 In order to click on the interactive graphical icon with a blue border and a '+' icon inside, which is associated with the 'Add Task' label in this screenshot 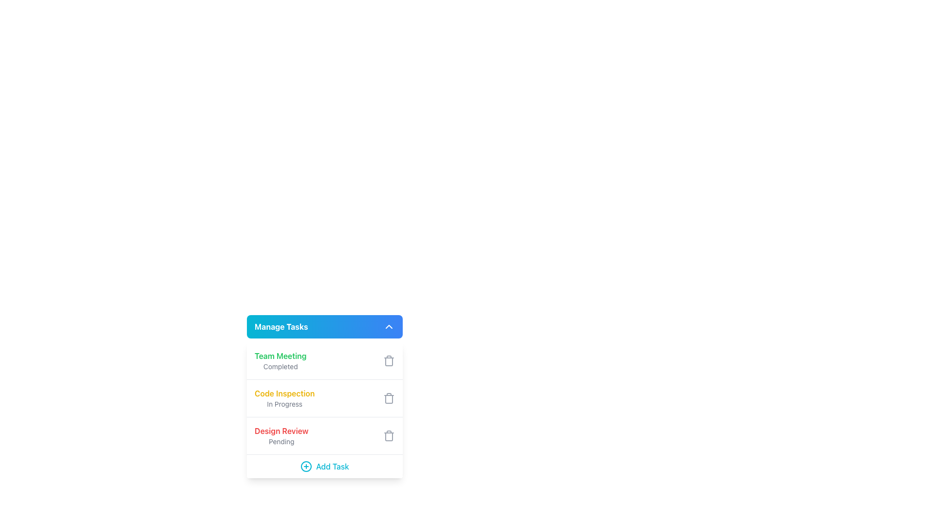, I will do `click(305, 466)`.